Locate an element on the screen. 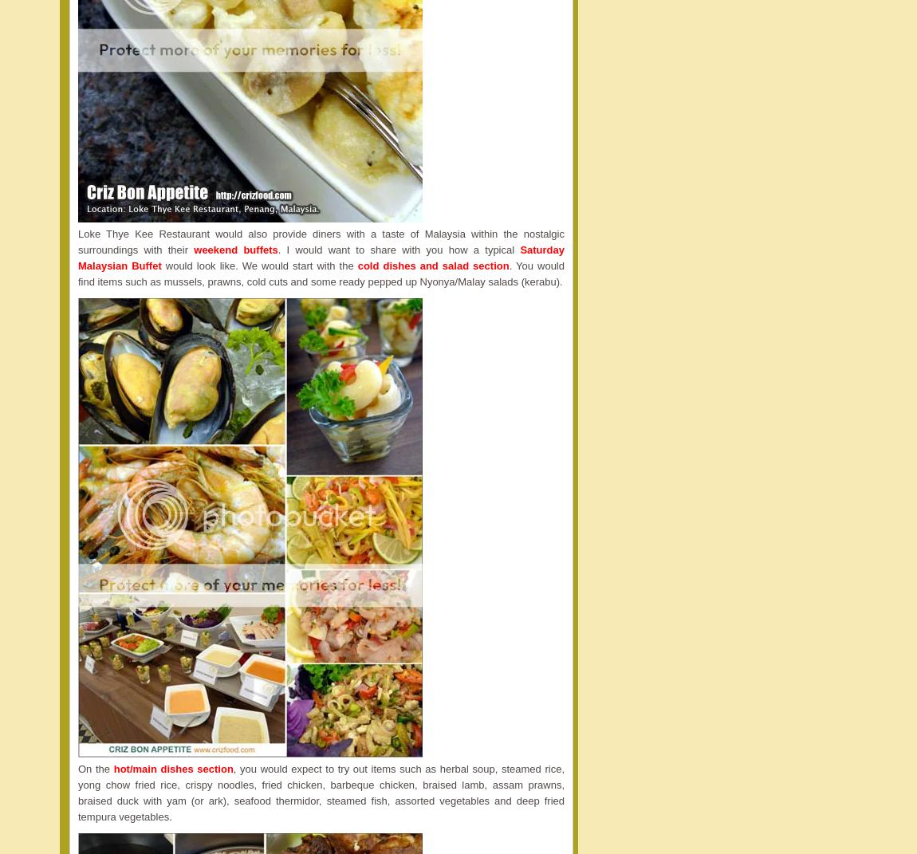 This screenshot has width=917, height=854. 'would look like. We would start with the' is located at coordinates (258, 264).